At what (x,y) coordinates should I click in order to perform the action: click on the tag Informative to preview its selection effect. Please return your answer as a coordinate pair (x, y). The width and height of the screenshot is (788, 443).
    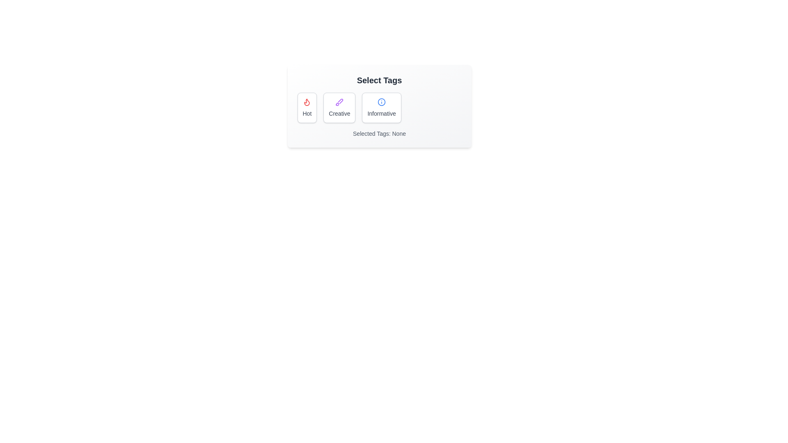
    Looking at the image, I should click on (381, 107).